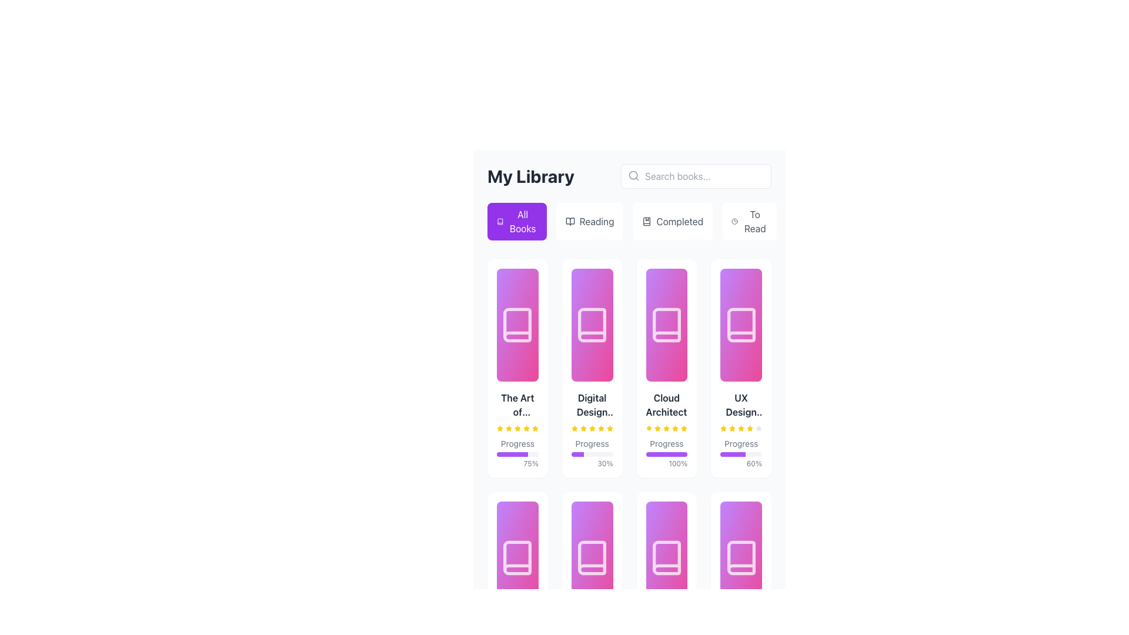 This screenshot has height=635, width=1129. Describe the element at coordinates (592, 429) in the screenshot. I see `the fourth star icon in the rating system located beneath the title 'Digital Design' to interact with it` at that location.